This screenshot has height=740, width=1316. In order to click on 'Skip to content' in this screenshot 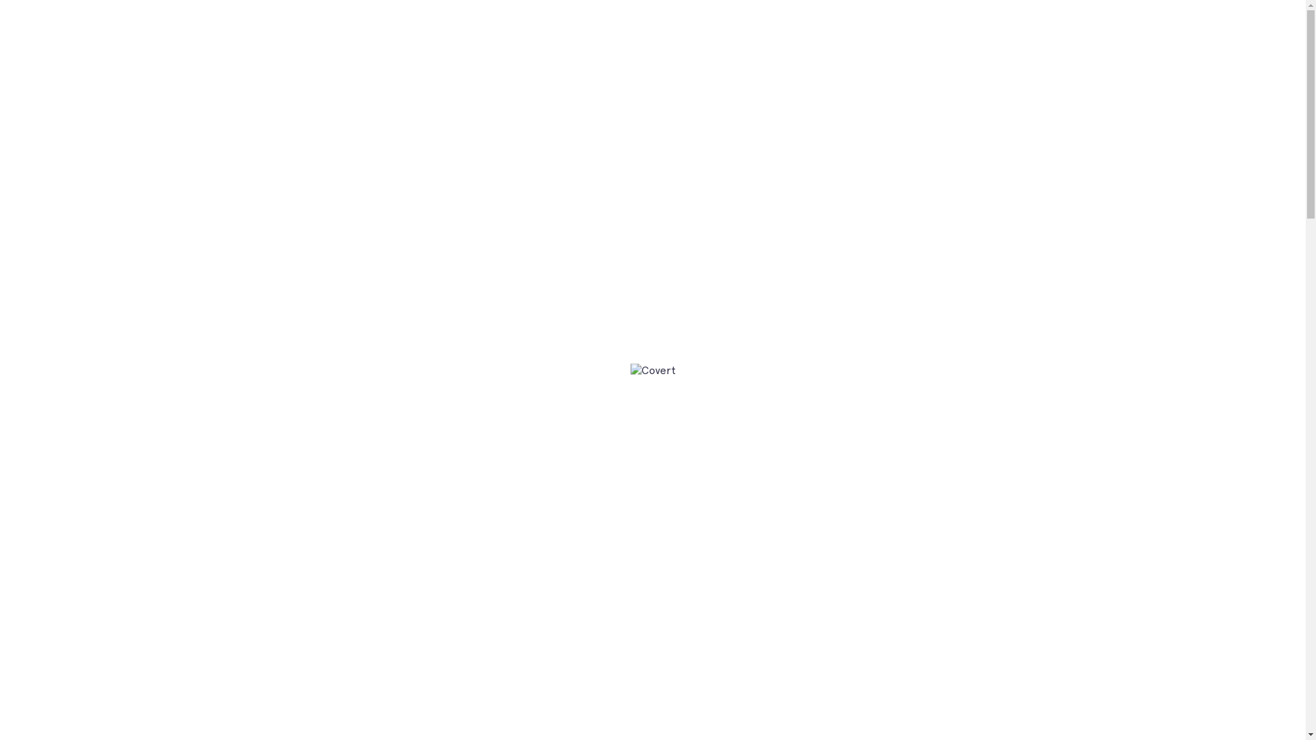, I will do `click(0, 0)`.